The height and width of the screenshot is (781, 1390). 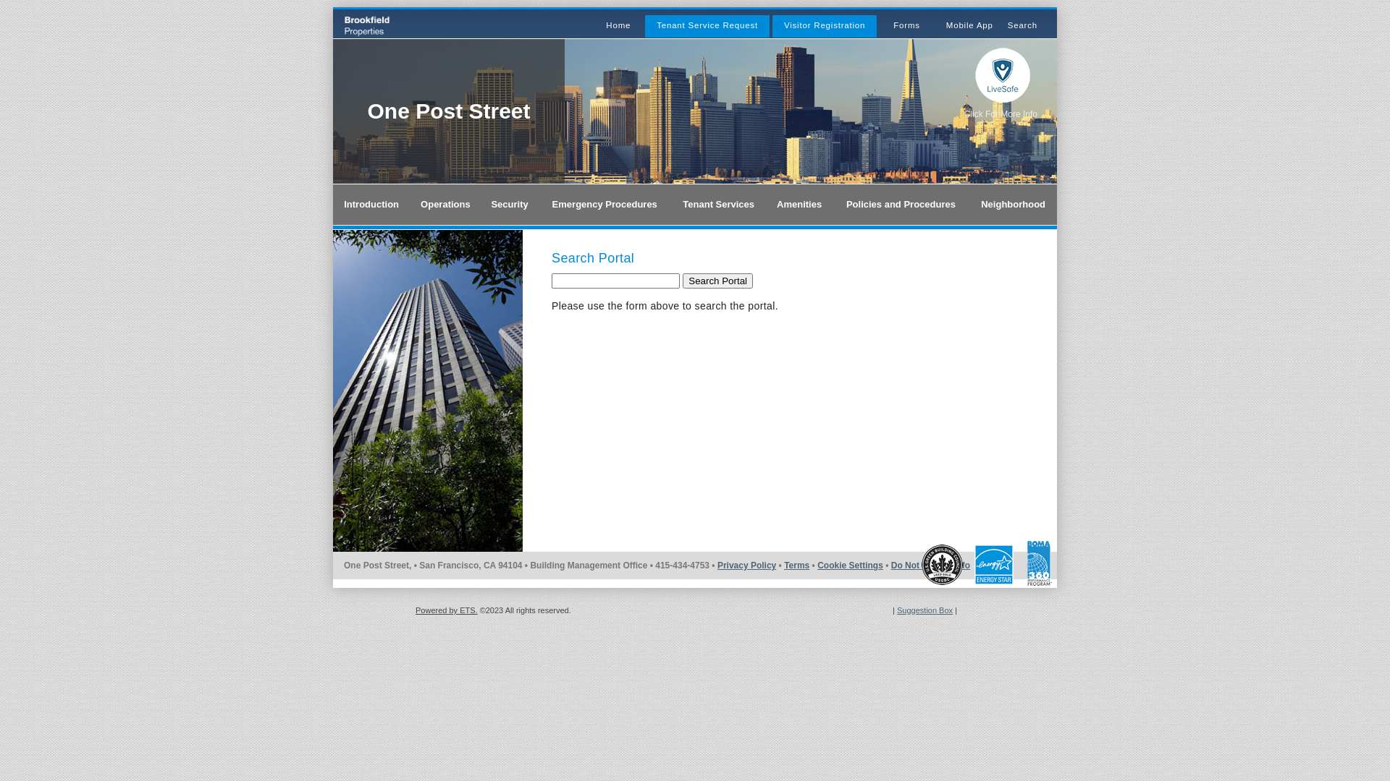 I want to click on 'Click For More Info', so click(x=1000, y=114).